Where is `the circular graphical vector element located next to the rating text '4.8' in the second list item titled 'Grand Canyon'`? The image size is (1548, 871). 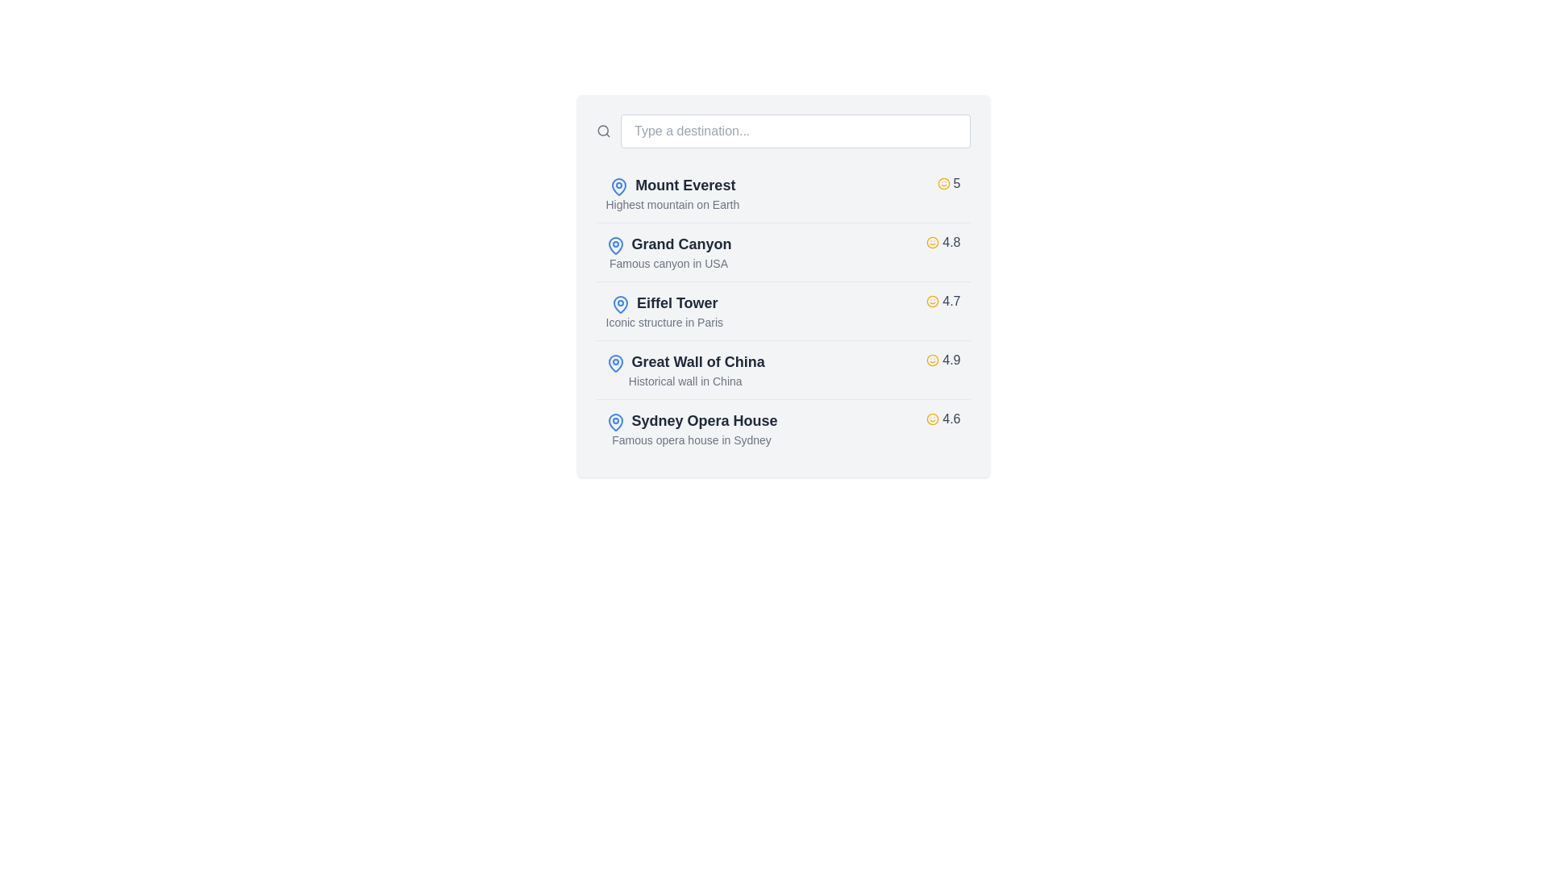 the circular graphical vector element located next to the rating text '4.8' in the second list item titled 'Grand Canyon' is located at coordinates (933, 242).